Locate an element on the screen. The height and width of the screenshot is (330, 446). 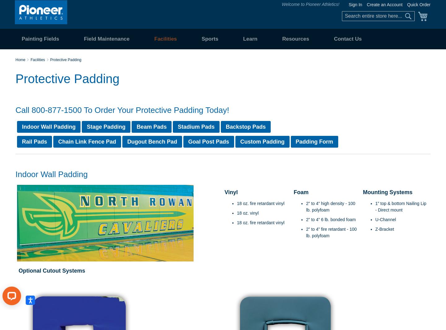
'Rail Pads' is located at coordinates (34, 141).